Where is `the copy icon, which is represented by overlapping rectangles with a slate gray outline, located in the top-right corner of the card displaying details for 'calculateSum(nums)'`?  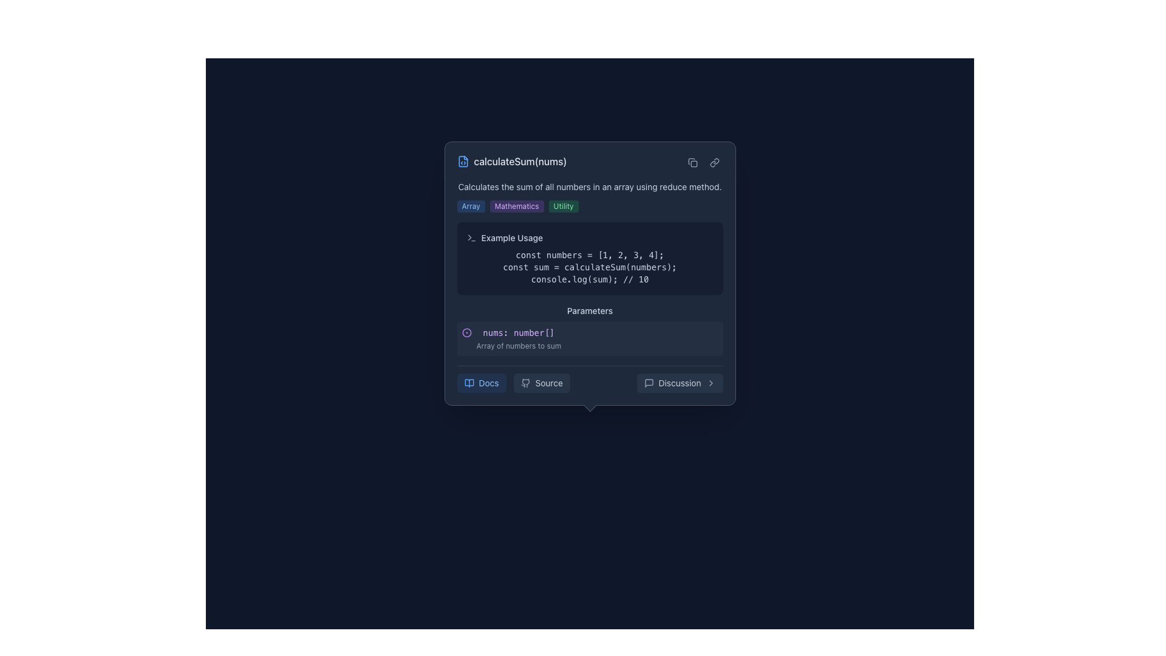
the copy icon, which is represented by overlapping rectangles with a slate gray outline, located in the top-right corner of the card displaying details for 'calculateSum(nums)' is located at coordinates (703, 162).